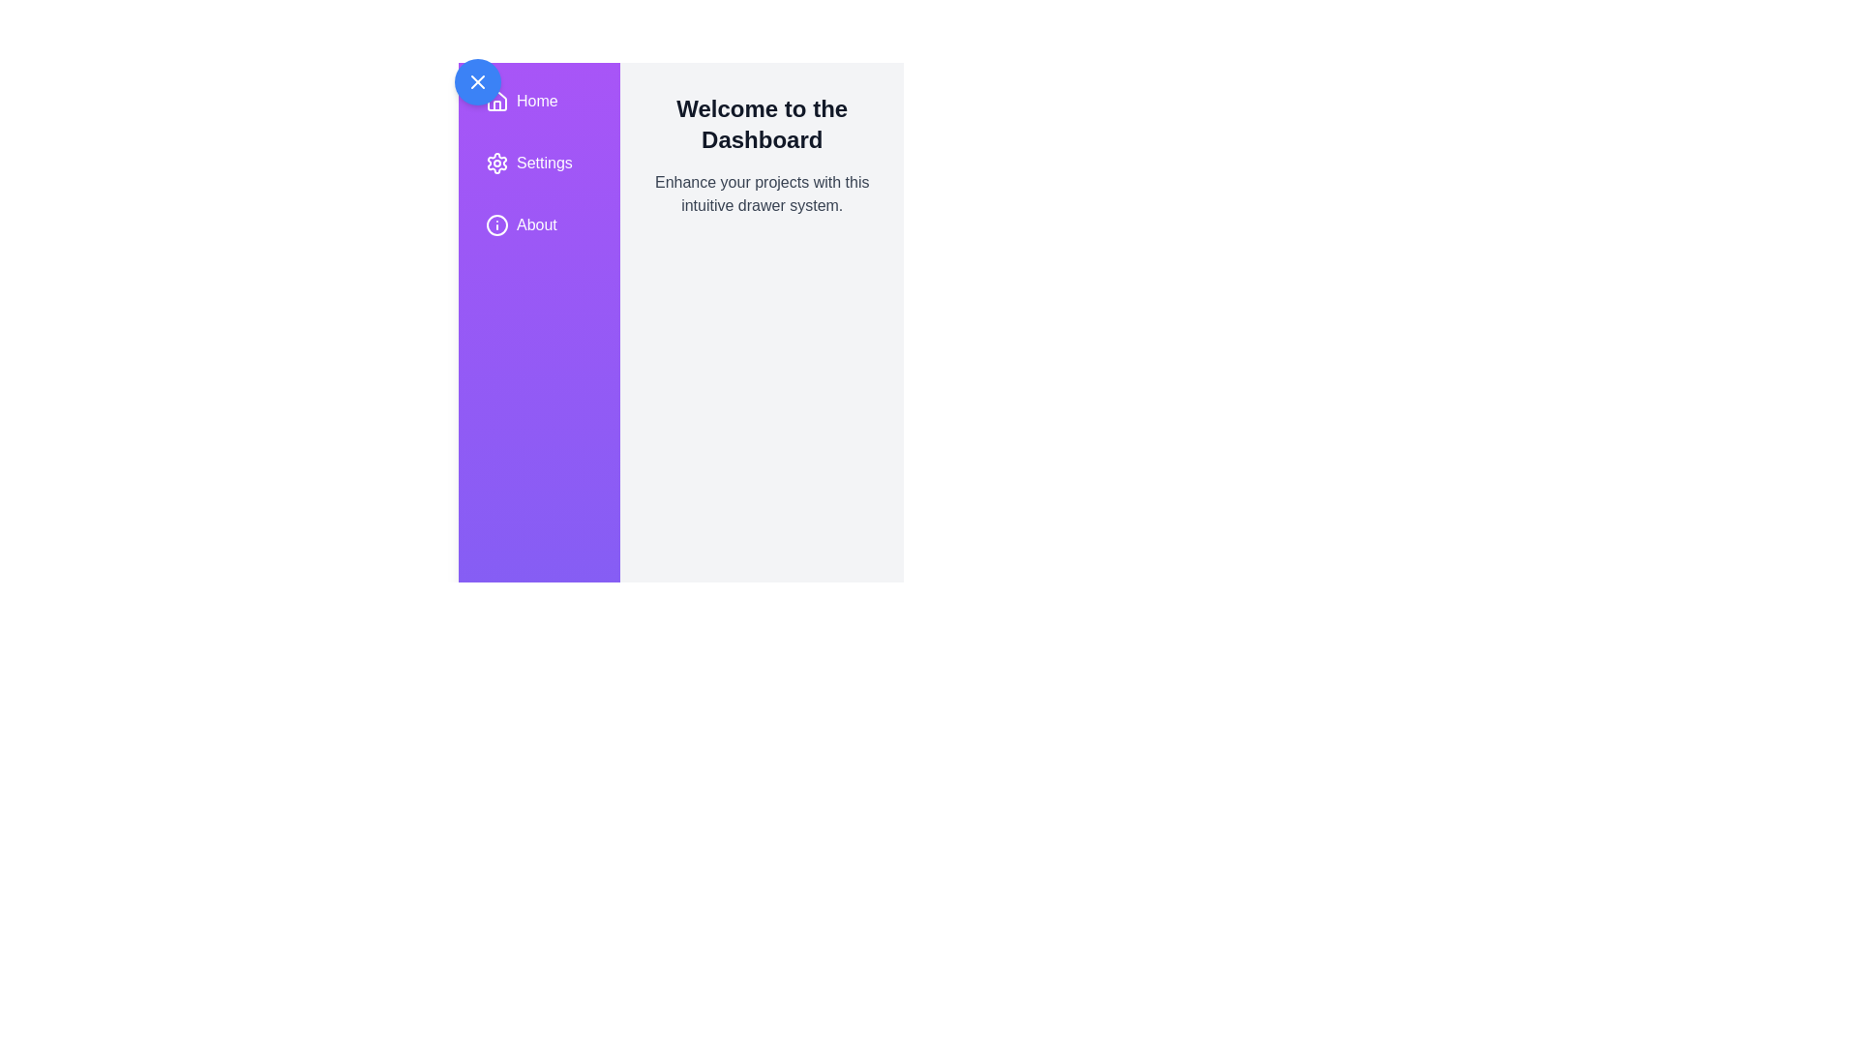  What do you see at coordinates (761, 124) in the screenshot?
I see `the header text 'Welcome to the Dashboard' to simulate interaction` at bounding box center [761, 124].